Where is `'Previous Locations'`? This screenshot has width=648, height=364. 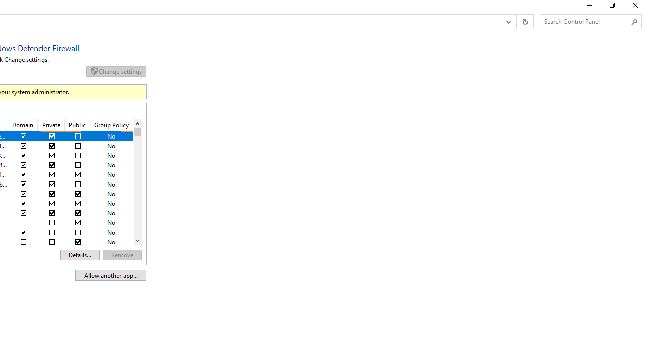 'Previous Locations' is located at coordinates (508, 22).